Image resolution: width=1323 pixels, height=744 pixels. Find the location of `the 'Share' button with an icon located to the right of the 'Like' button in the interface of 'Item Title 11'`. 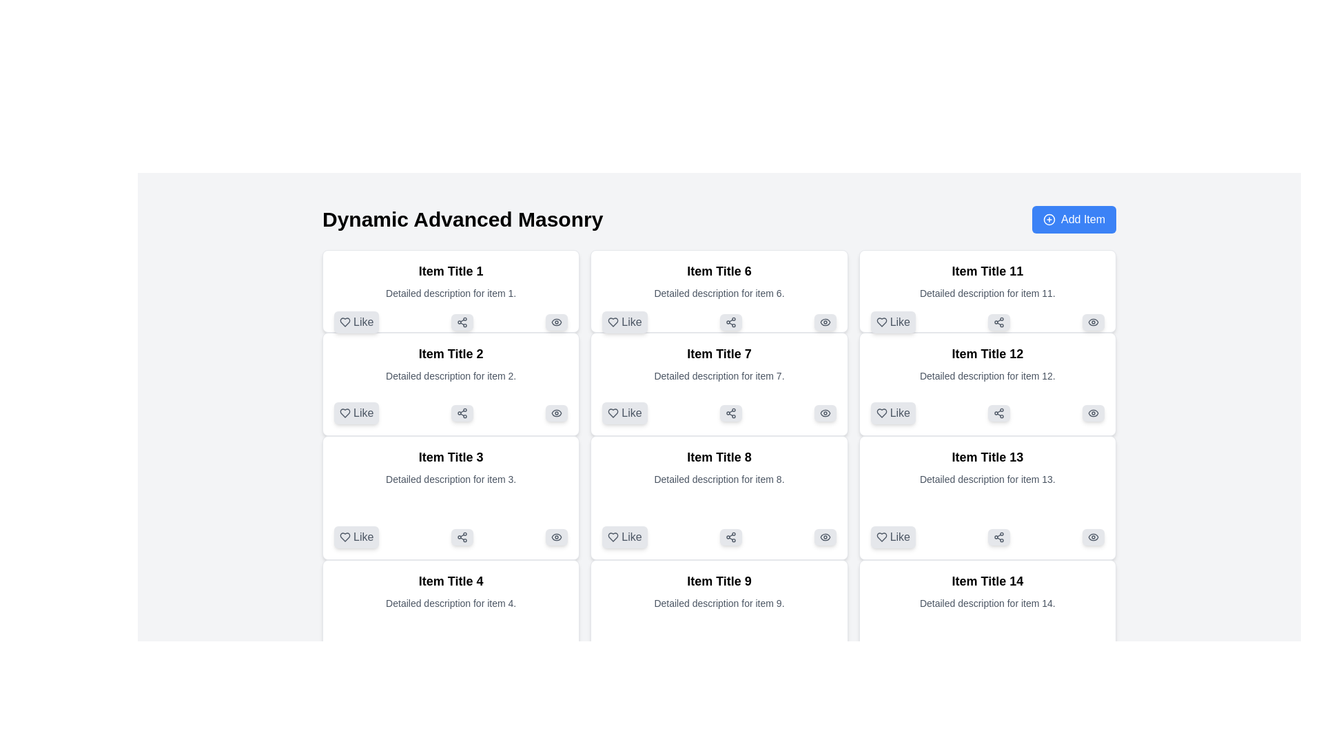

the 'Share' button with an icon located to the right of the 'Like' button in the interface of 'Item Title 11' is located at coordinates (998, 322).